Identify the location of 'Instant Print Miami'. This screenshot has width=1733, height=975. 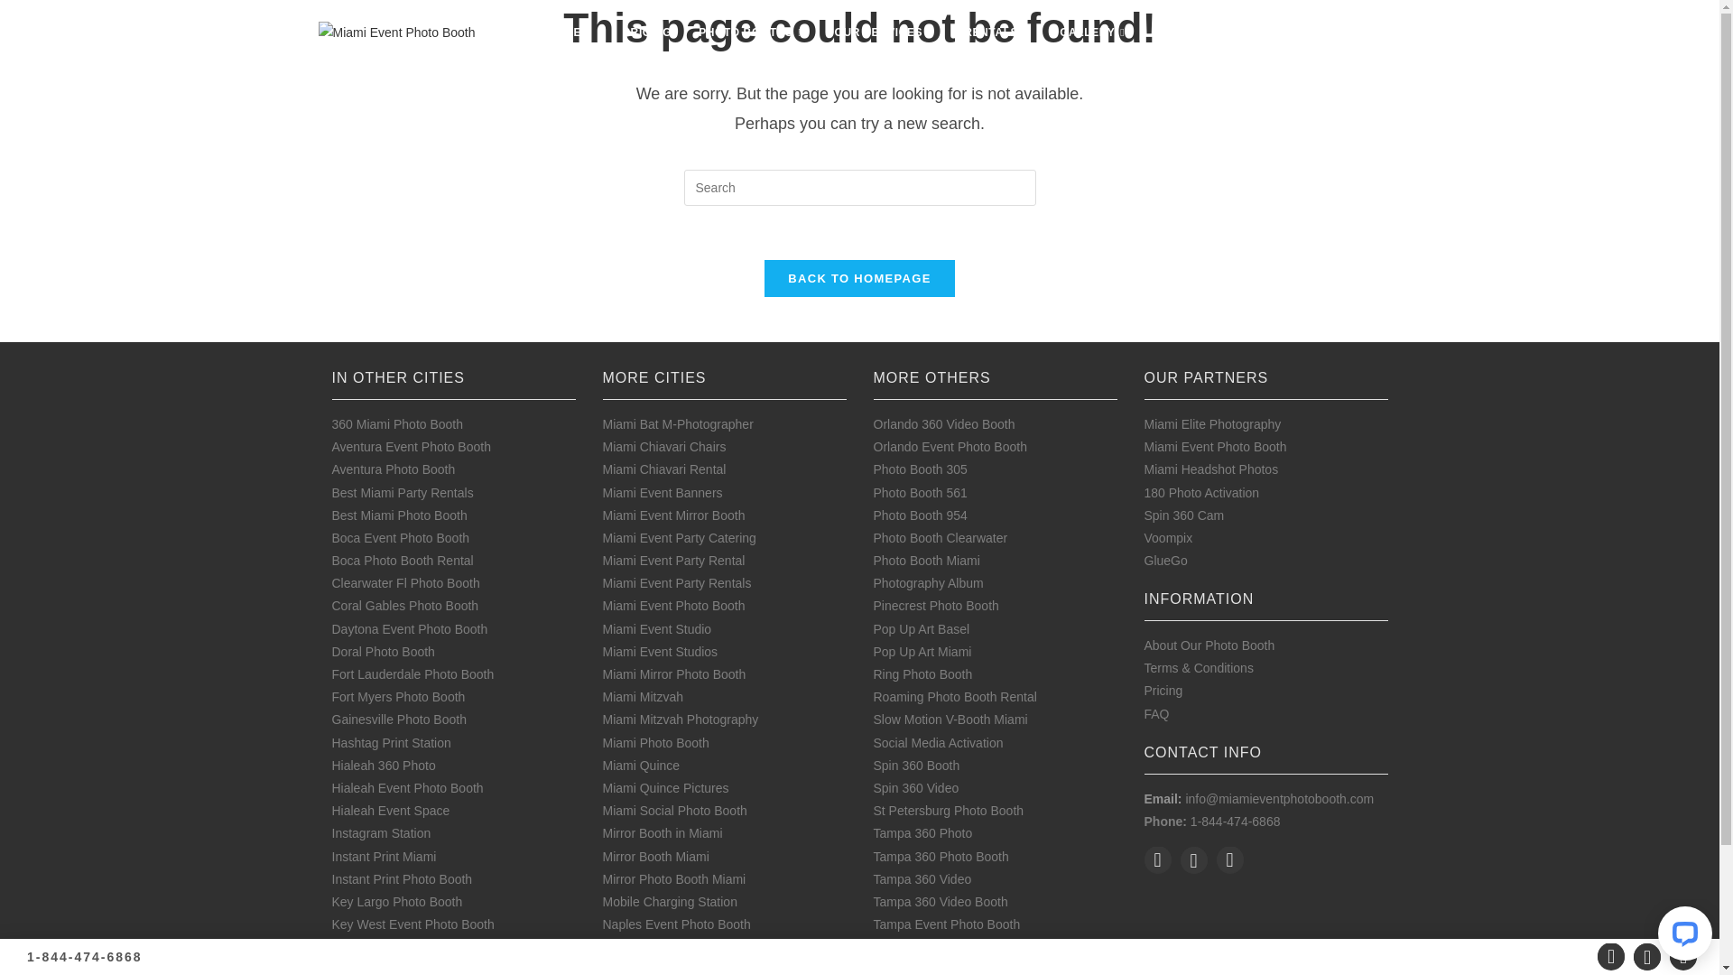
(384, 855).